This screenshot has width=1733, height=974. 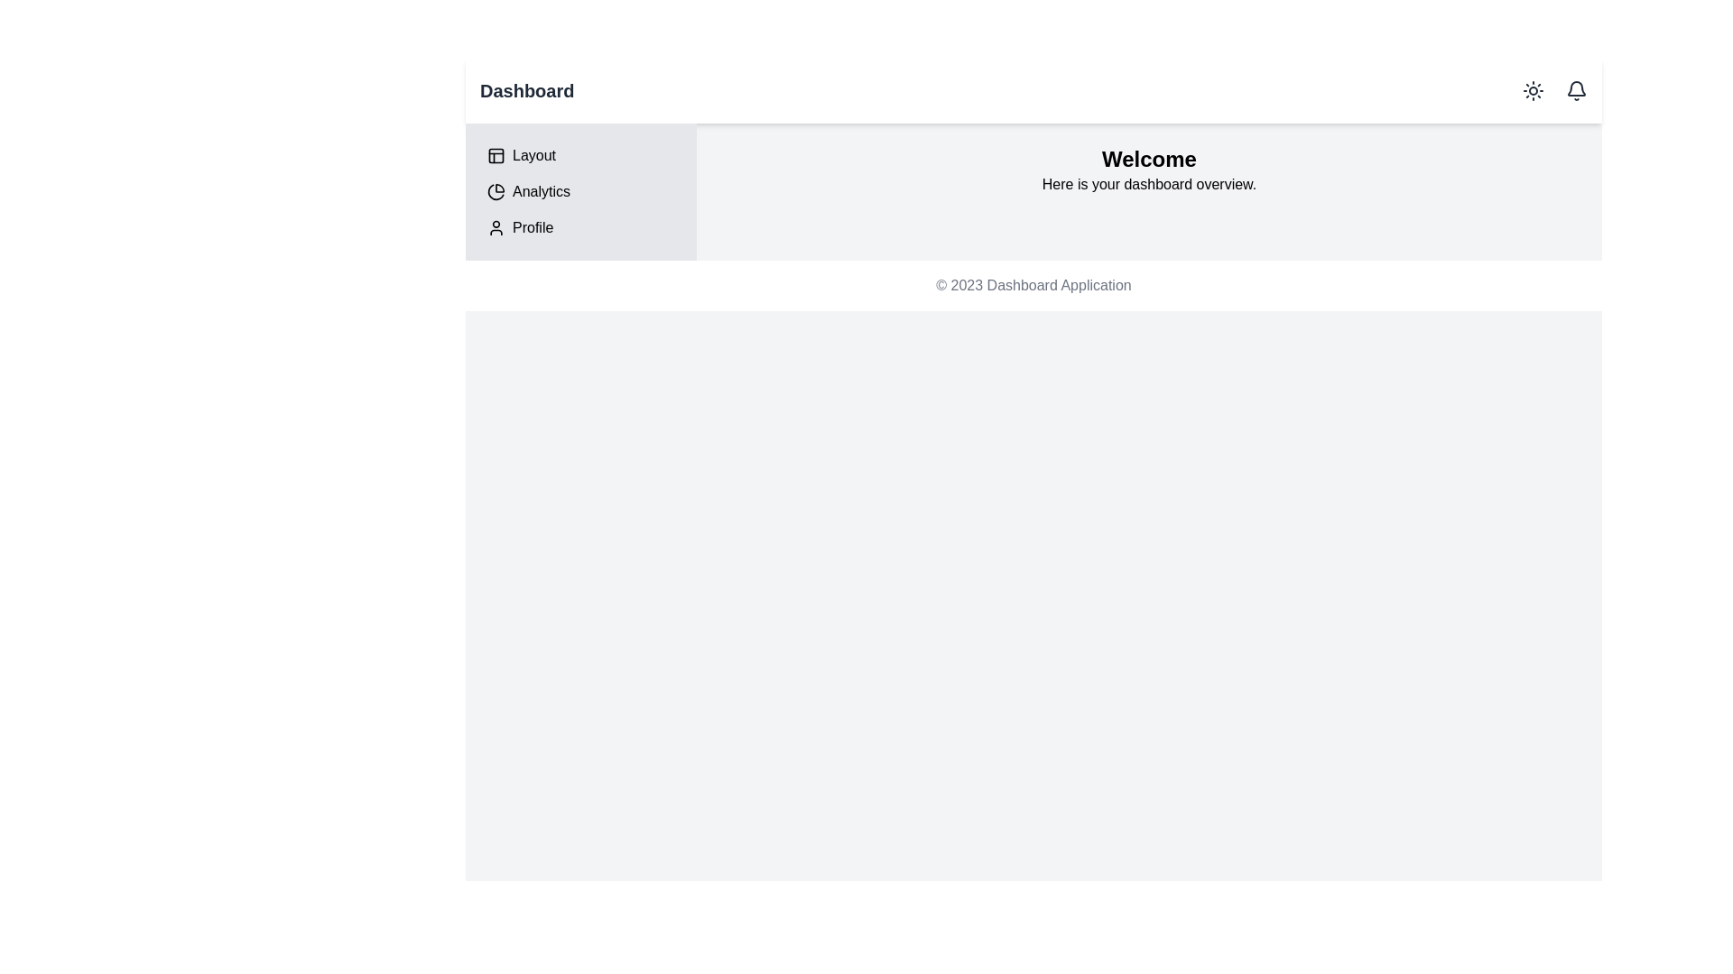 I want to click on the non-interactive graphical shape representing the 'Layout' menu icon located on the top-left panel of the Dashboard interface, so click(x=496, y=155).